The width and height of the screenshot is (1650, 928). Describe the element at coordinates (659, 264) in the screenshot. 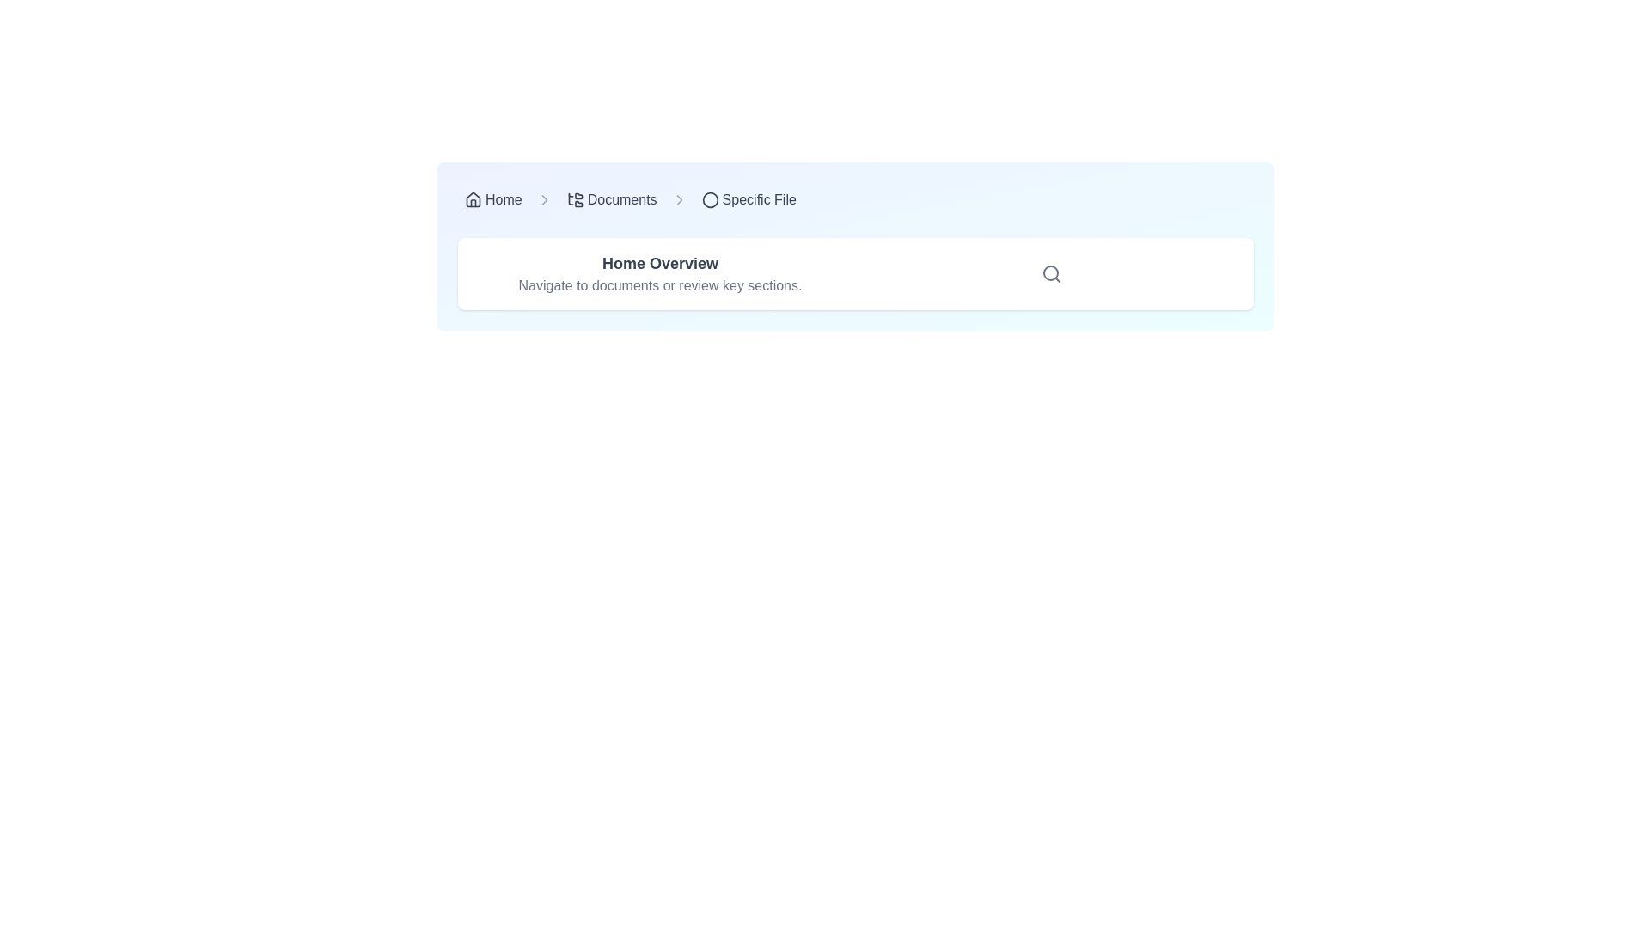

I see `text label element located at the upper section of the interface, which serves as a title or heading for the current section, to gather information` at that location.